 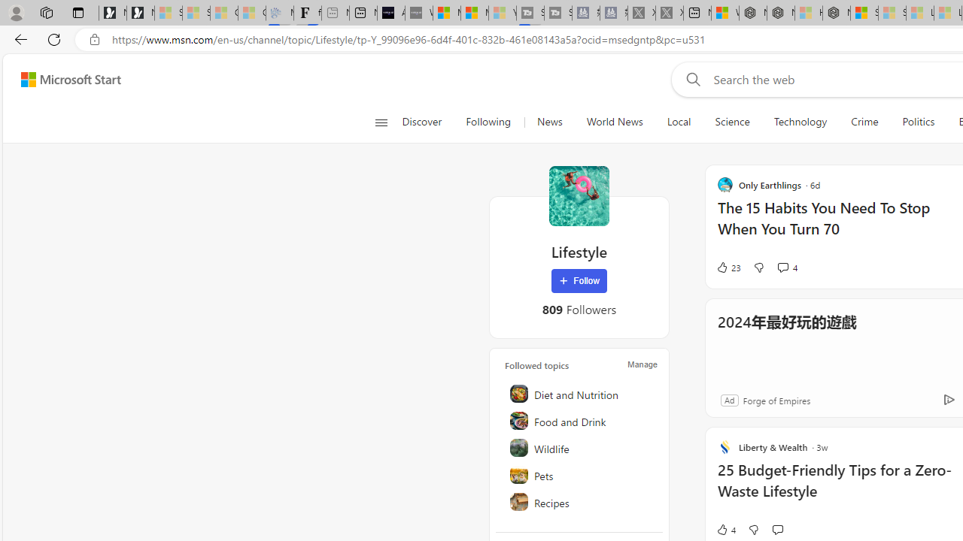 I want to click on 'Following', so click(x=488, y=122).